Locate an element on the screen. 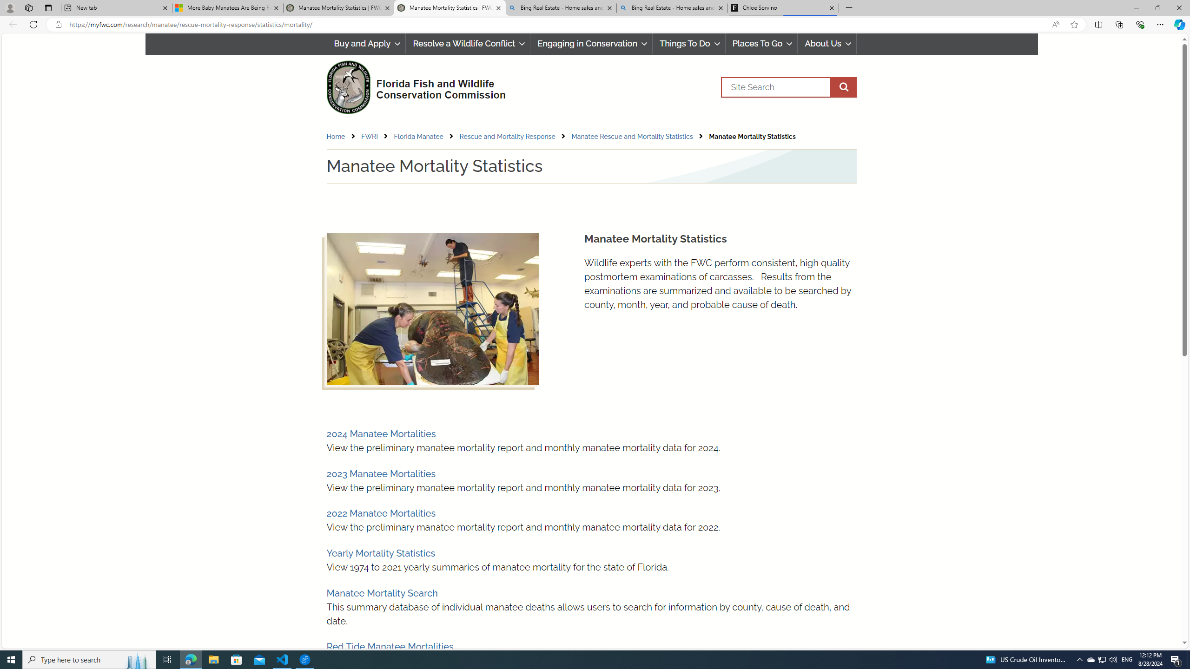 The height and width of the screenshot is (669, 1190). 'Places To Go' is located at coordinates (761, 43).